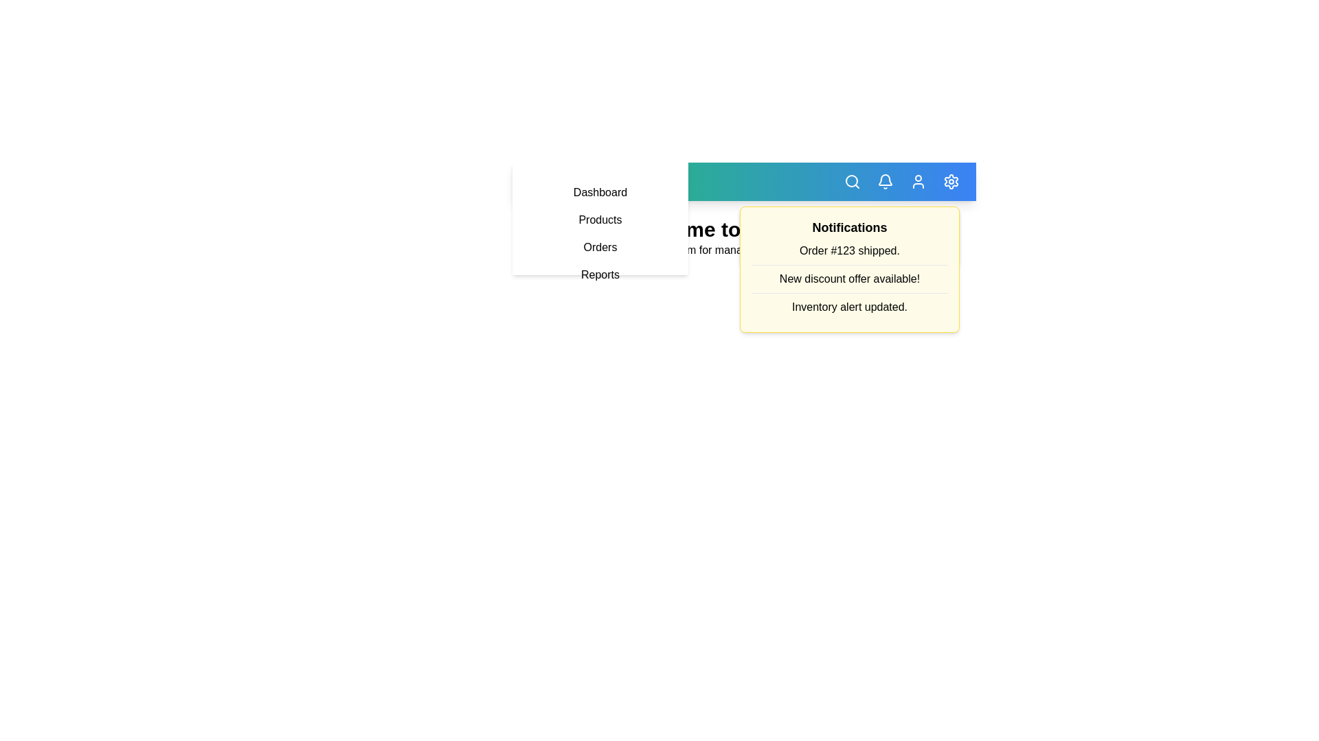  Describe the element at coordinates (600, 248) in the screenshot. I see `the 'Orders' menu item in the text-based navigation menu` at that location.